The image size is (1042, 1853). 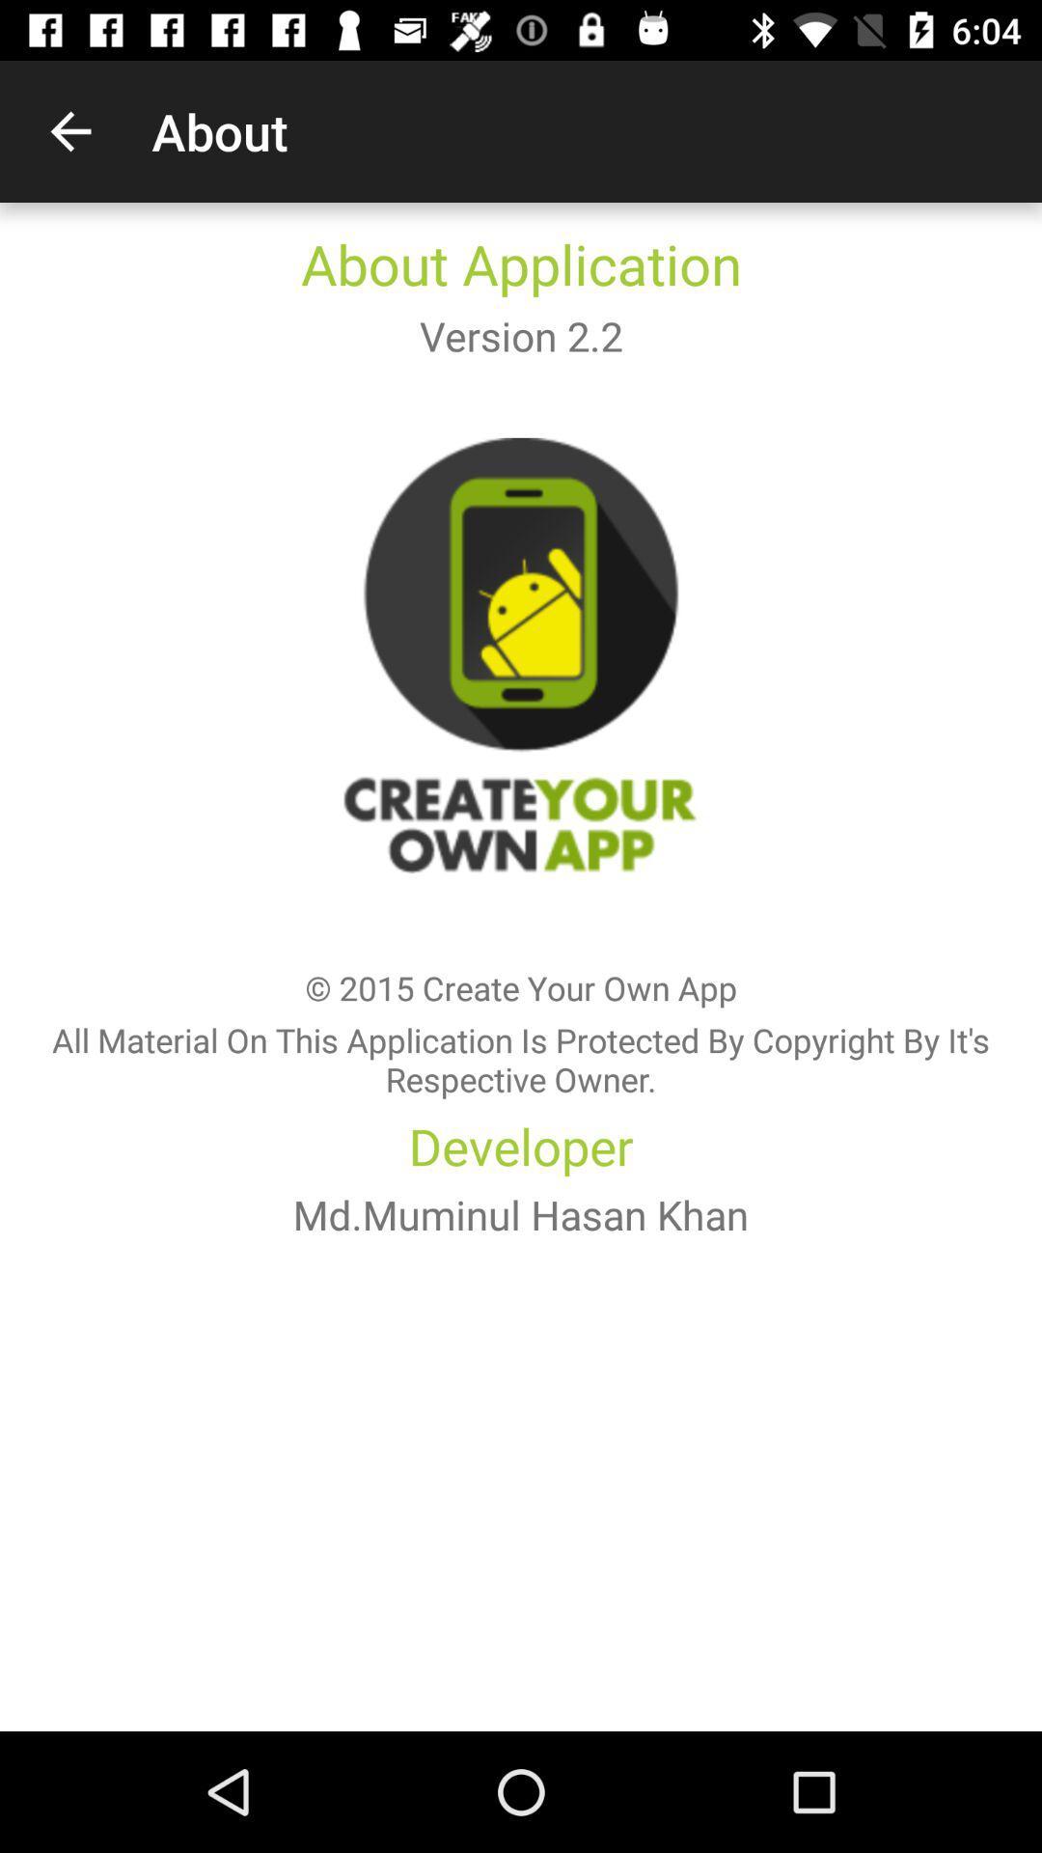 What do you see at coordinates (69, 130) in the screenshot?
I see `icon above about application` at bounding box center [69, 130].